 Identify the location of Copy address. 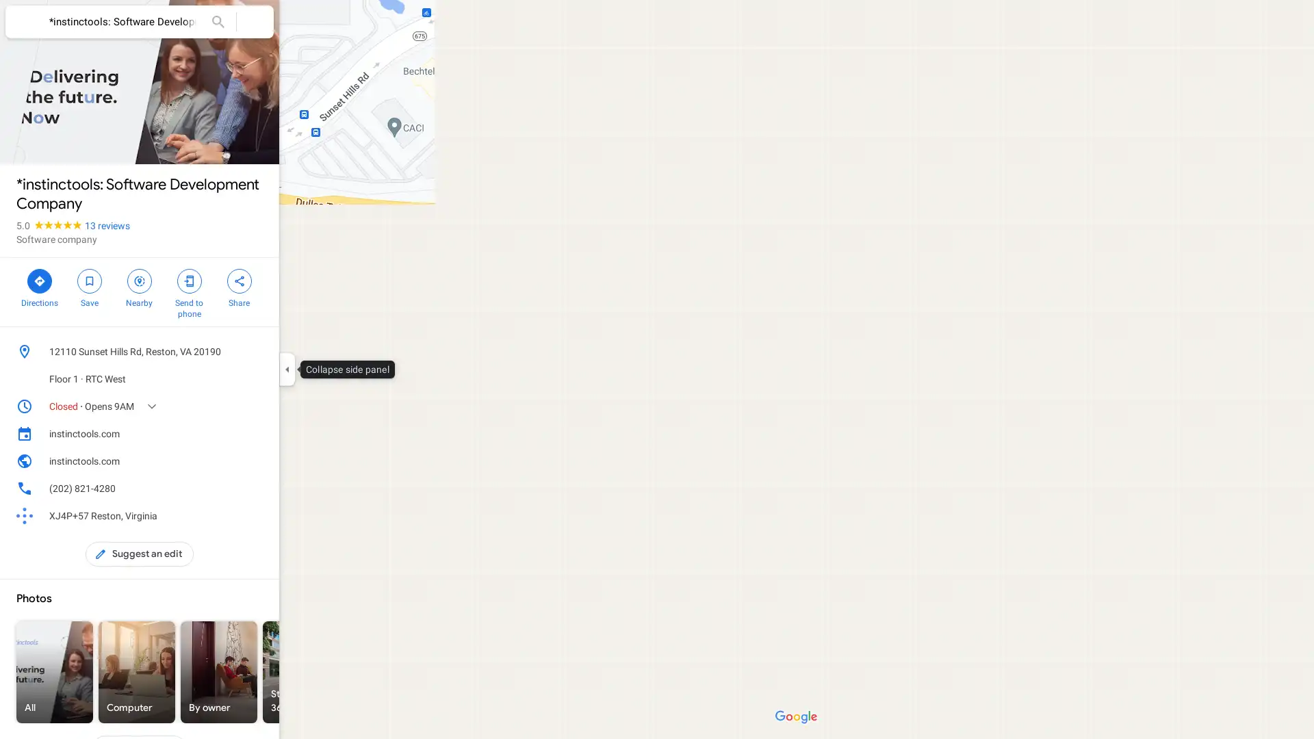
(256, 350).